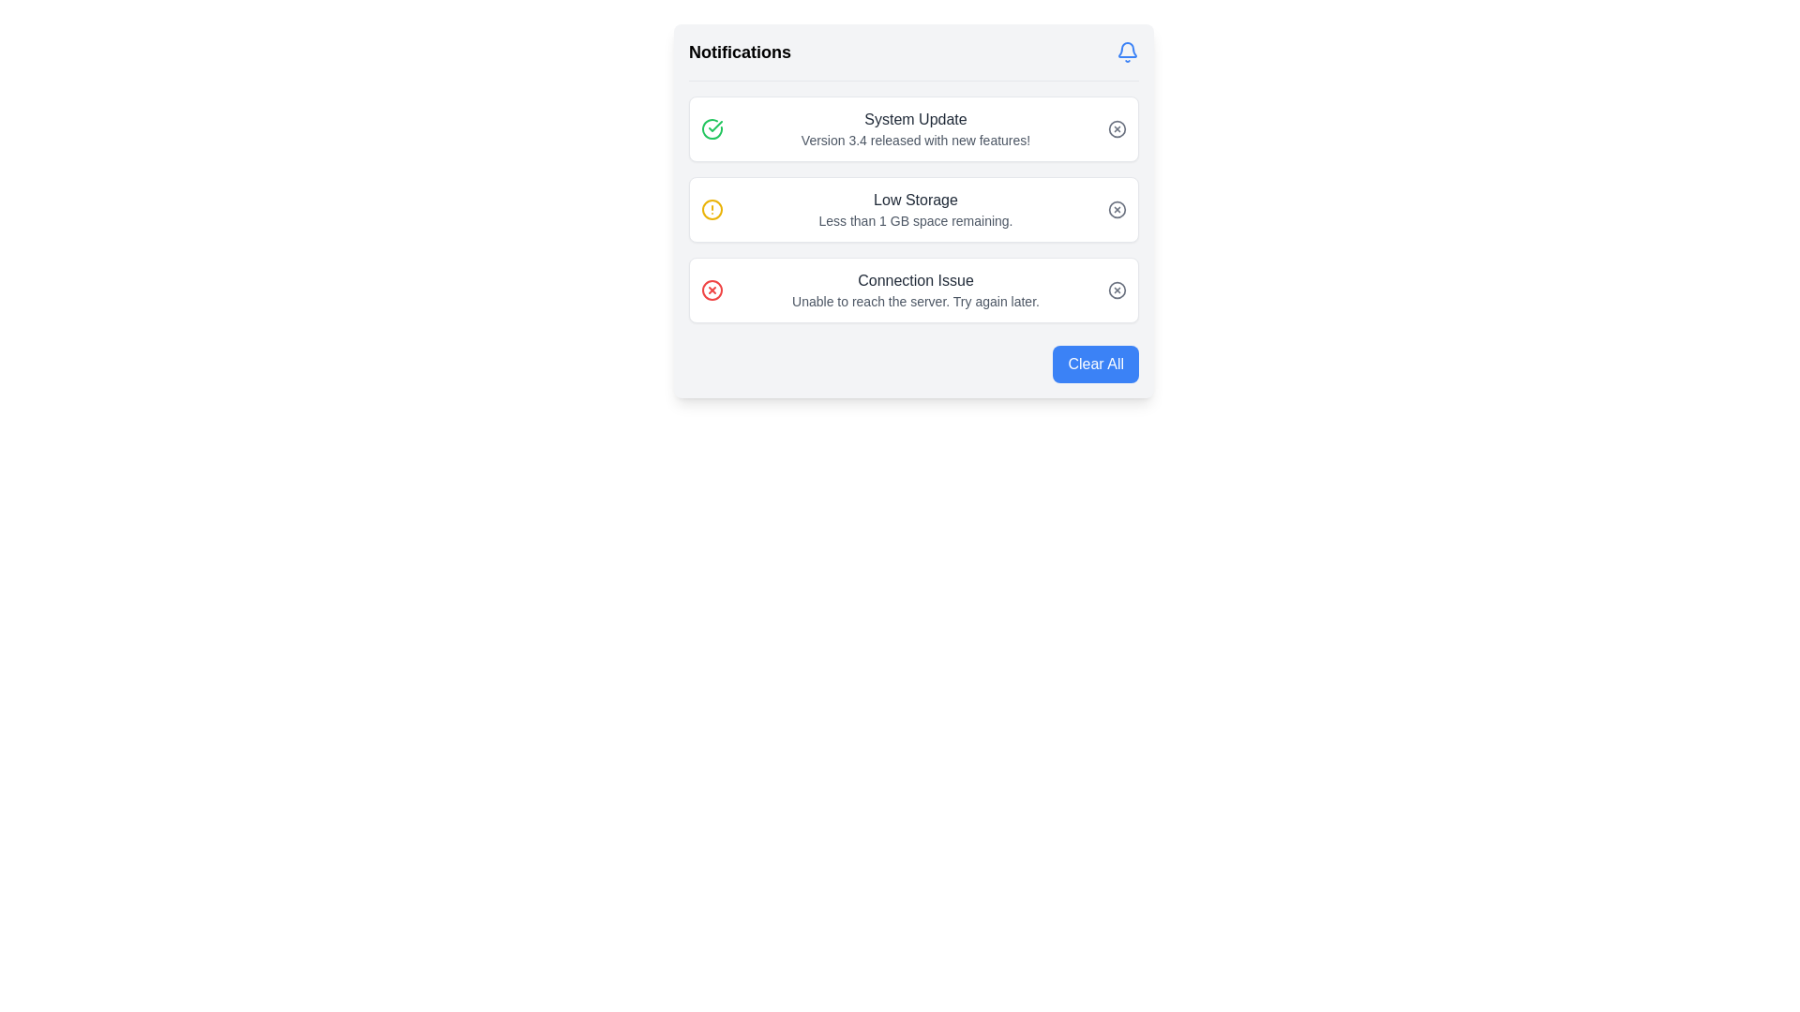  Describe the element at coordinates (1117, 209) in the screenshot. I see `the Decorative SVG circle that is part of the warning notification icon for 'Low Storage' in the notification panel` at that location.